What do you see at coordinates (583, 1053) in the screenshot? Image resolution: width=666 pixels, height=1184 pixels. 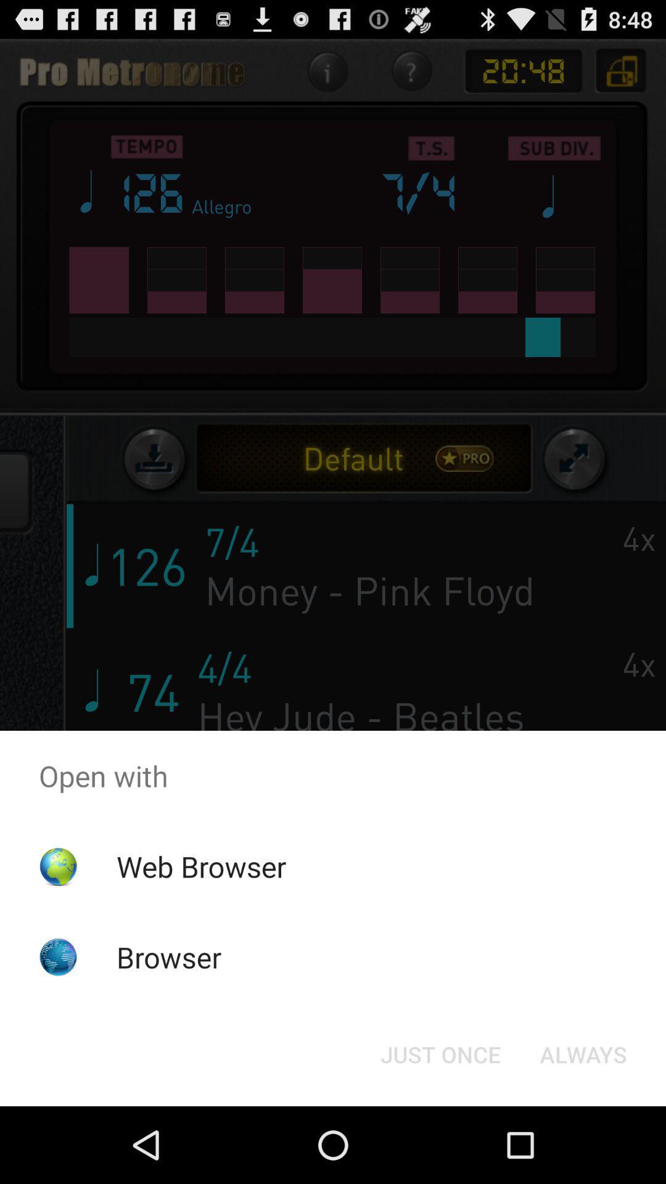 I see `the app below the open with item` at bounding box center [583, 1053].